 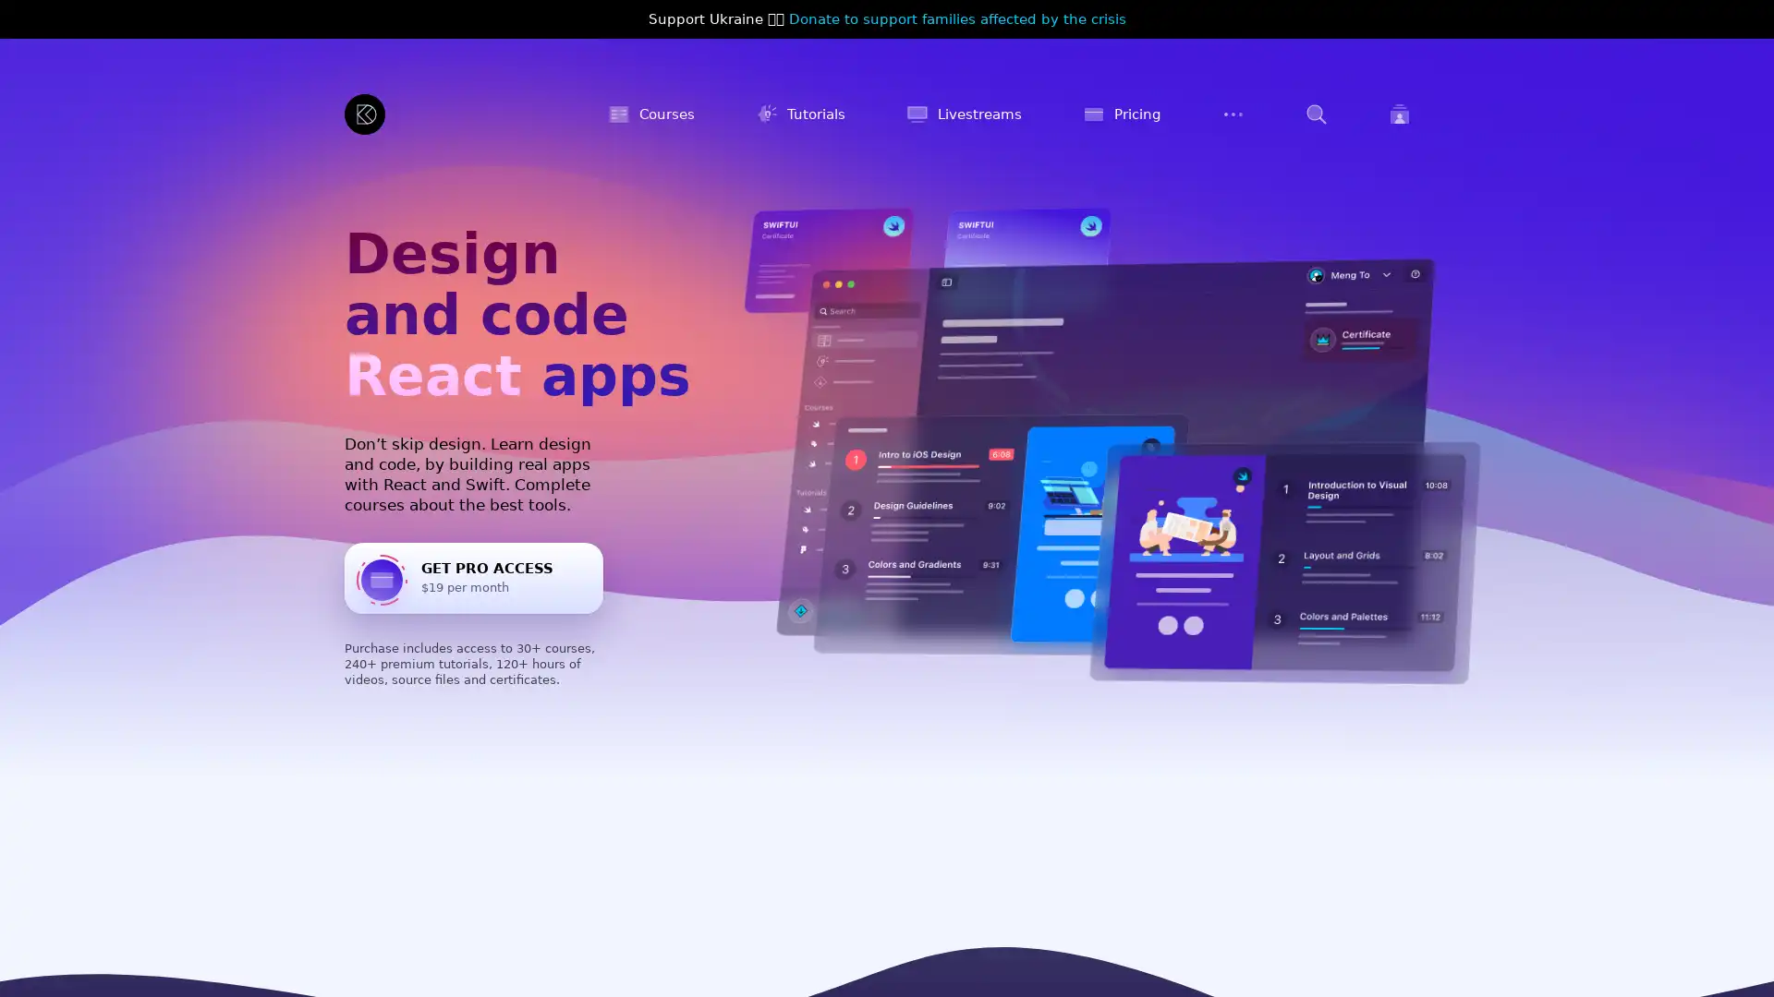 I want to click on Tutorials icon Tutorials, so click(x=800, y=114).